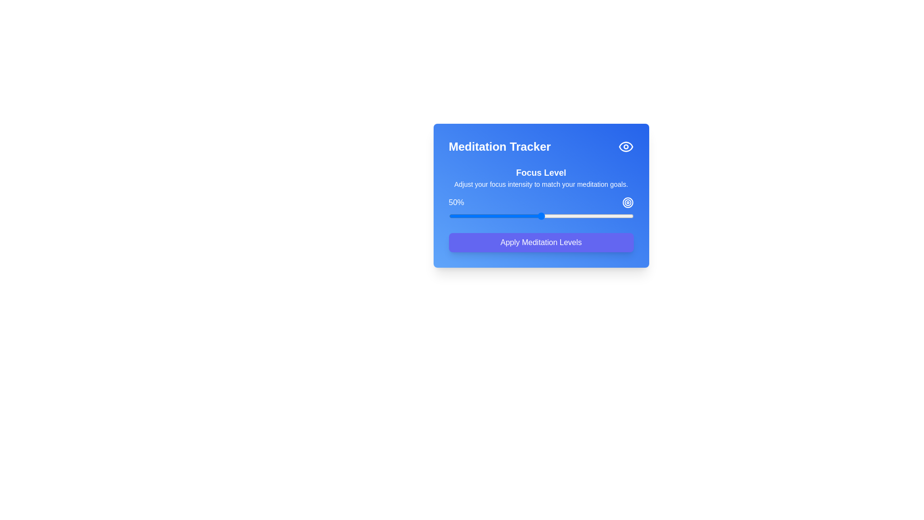 Image resolution: width=924 pixels, height=520 pixels. I want to click on the focus level, so click(592, 215).